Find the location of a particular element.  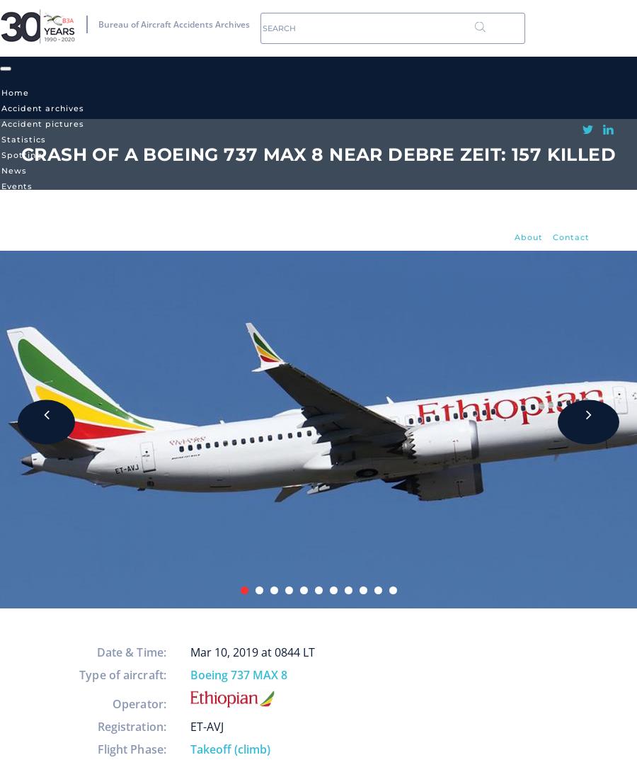

'Boeing 737 MAX 8' is located at coordinates (190, 675).